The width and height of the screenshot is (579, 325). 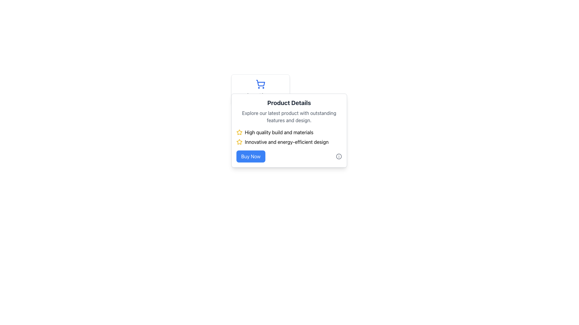 What do you see at coordinates (289, 137) in the screenshot?
I see `the Text with Icon List element located within the 'Product Details' card, positioned below the introductory text and above the 'Buy Now' button` at bounding box center [289, 137].